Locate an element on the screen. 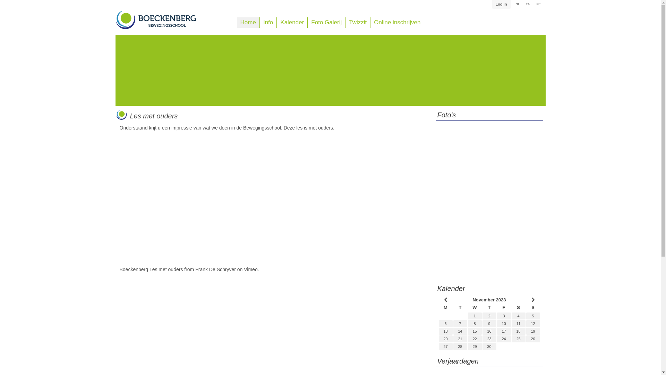 This screenshot has height=375, width=666. 'EN' is located at coordinates (523, 4).